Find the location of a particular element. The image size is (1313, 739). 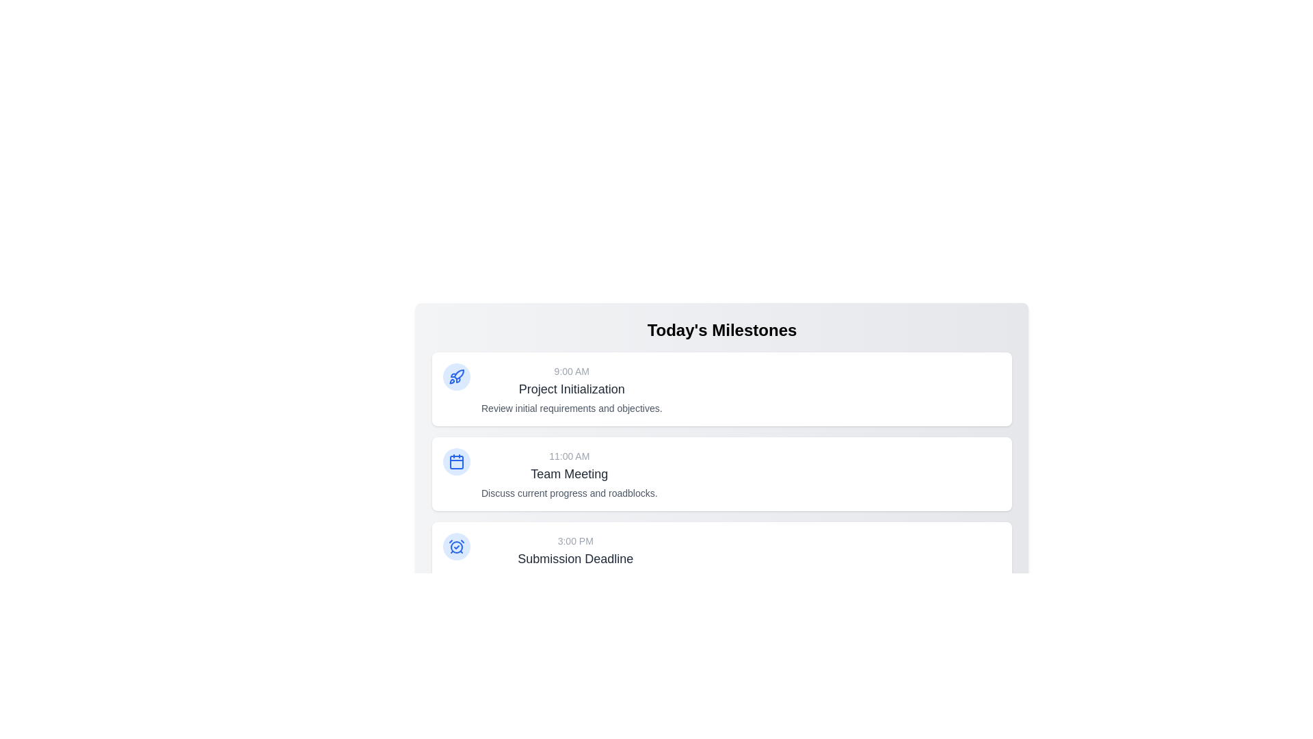

the decorative graphical element representing the date area within the calendar icon, which is located at the center of the calendar's visual representation in the second item of the list is located at coordinates (456, 462).